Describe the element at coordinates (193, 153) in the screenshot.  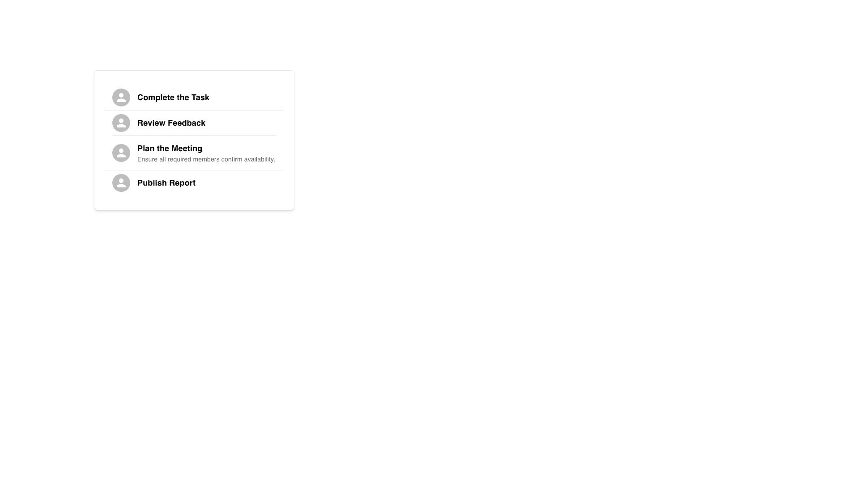
I see `on the third list item which has a circular avatar with a red background, a person icon, and the text 'Plan the Meeting' followed by 'Ensure all required members confirm availability'` at that location.